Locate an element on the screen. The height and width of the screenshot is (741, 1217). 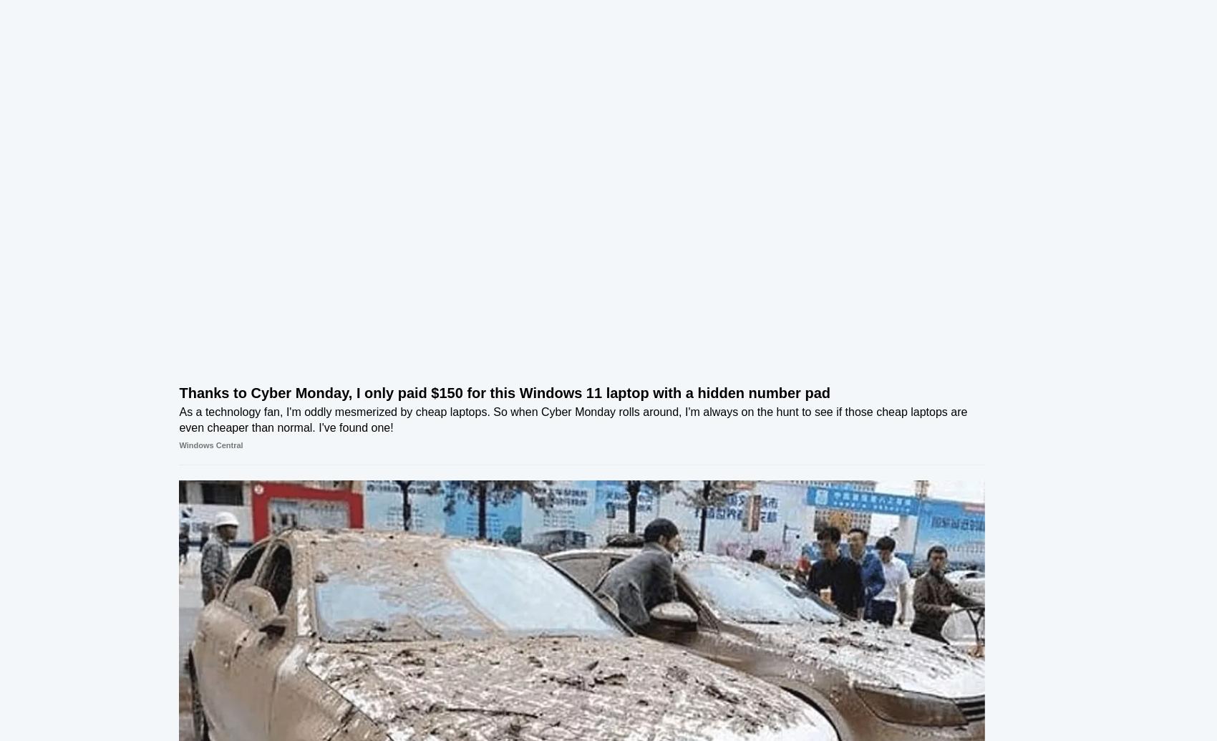
'Looking for USB flash drives? This is the brand I trust to back up my important data — and it's all on sale right now' is located at coordinates (848, 428).